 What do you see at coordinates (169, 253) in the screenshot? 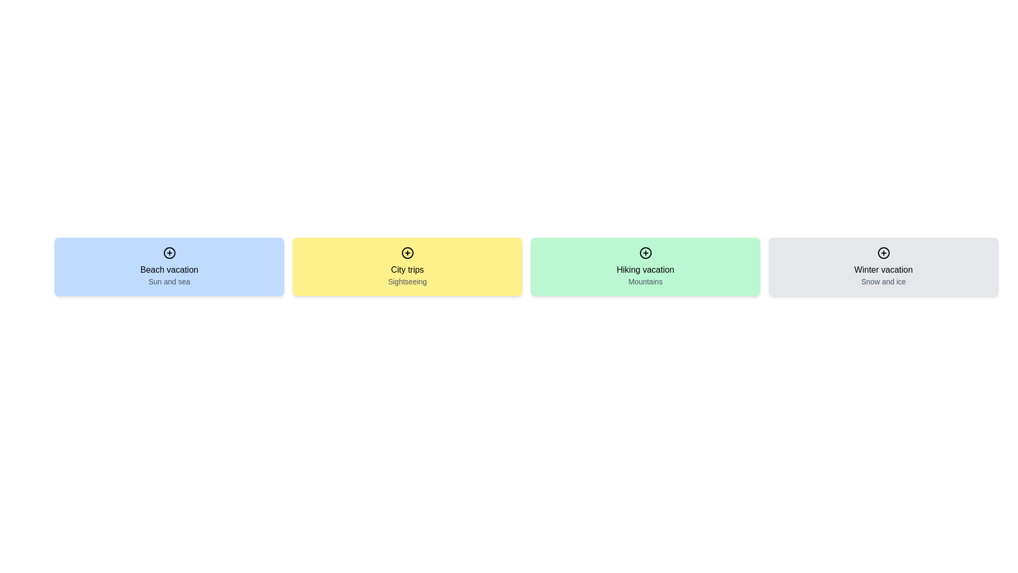
I see `the interactive button with a 'plus' icon located at the top center of the first blue card labeled 'Beach vacation'` at bounding box center [169, 253].